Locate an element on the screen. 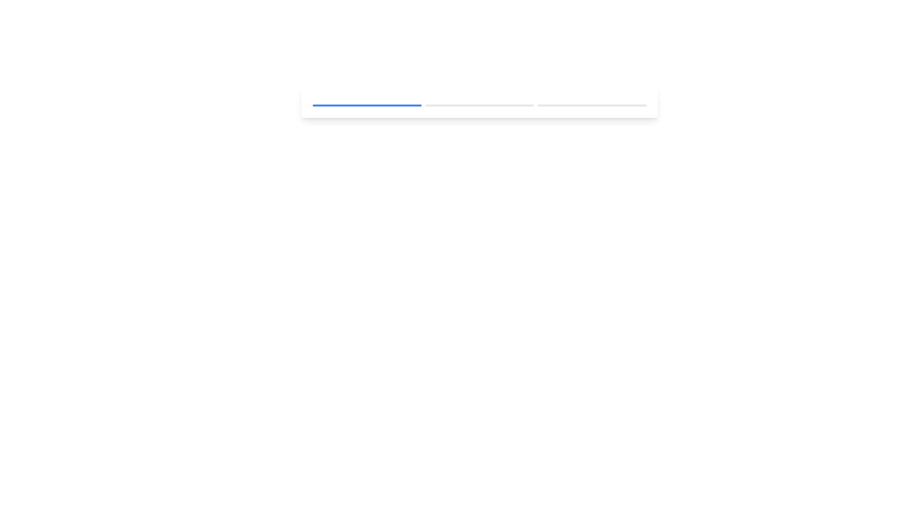 The height and width of the screenshot is (518, 921). the slider is located at coordinates (450, 105).